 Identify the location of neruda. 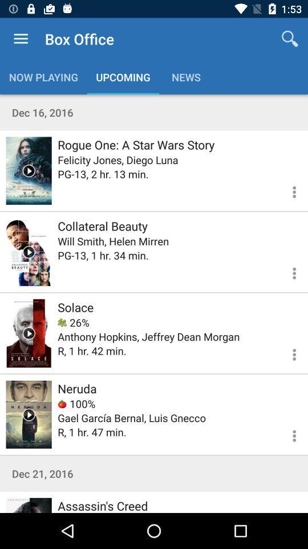
(29, 414).